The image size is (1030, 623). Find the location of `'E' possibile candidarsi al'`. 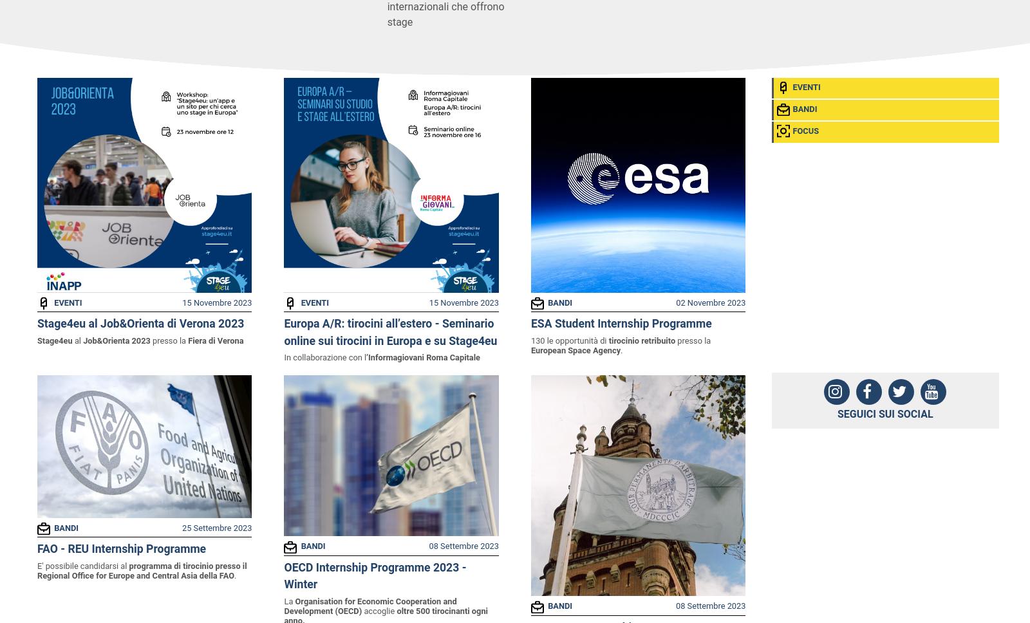

'E' possibile candidarsi al' is located at coordinates (82, 564).